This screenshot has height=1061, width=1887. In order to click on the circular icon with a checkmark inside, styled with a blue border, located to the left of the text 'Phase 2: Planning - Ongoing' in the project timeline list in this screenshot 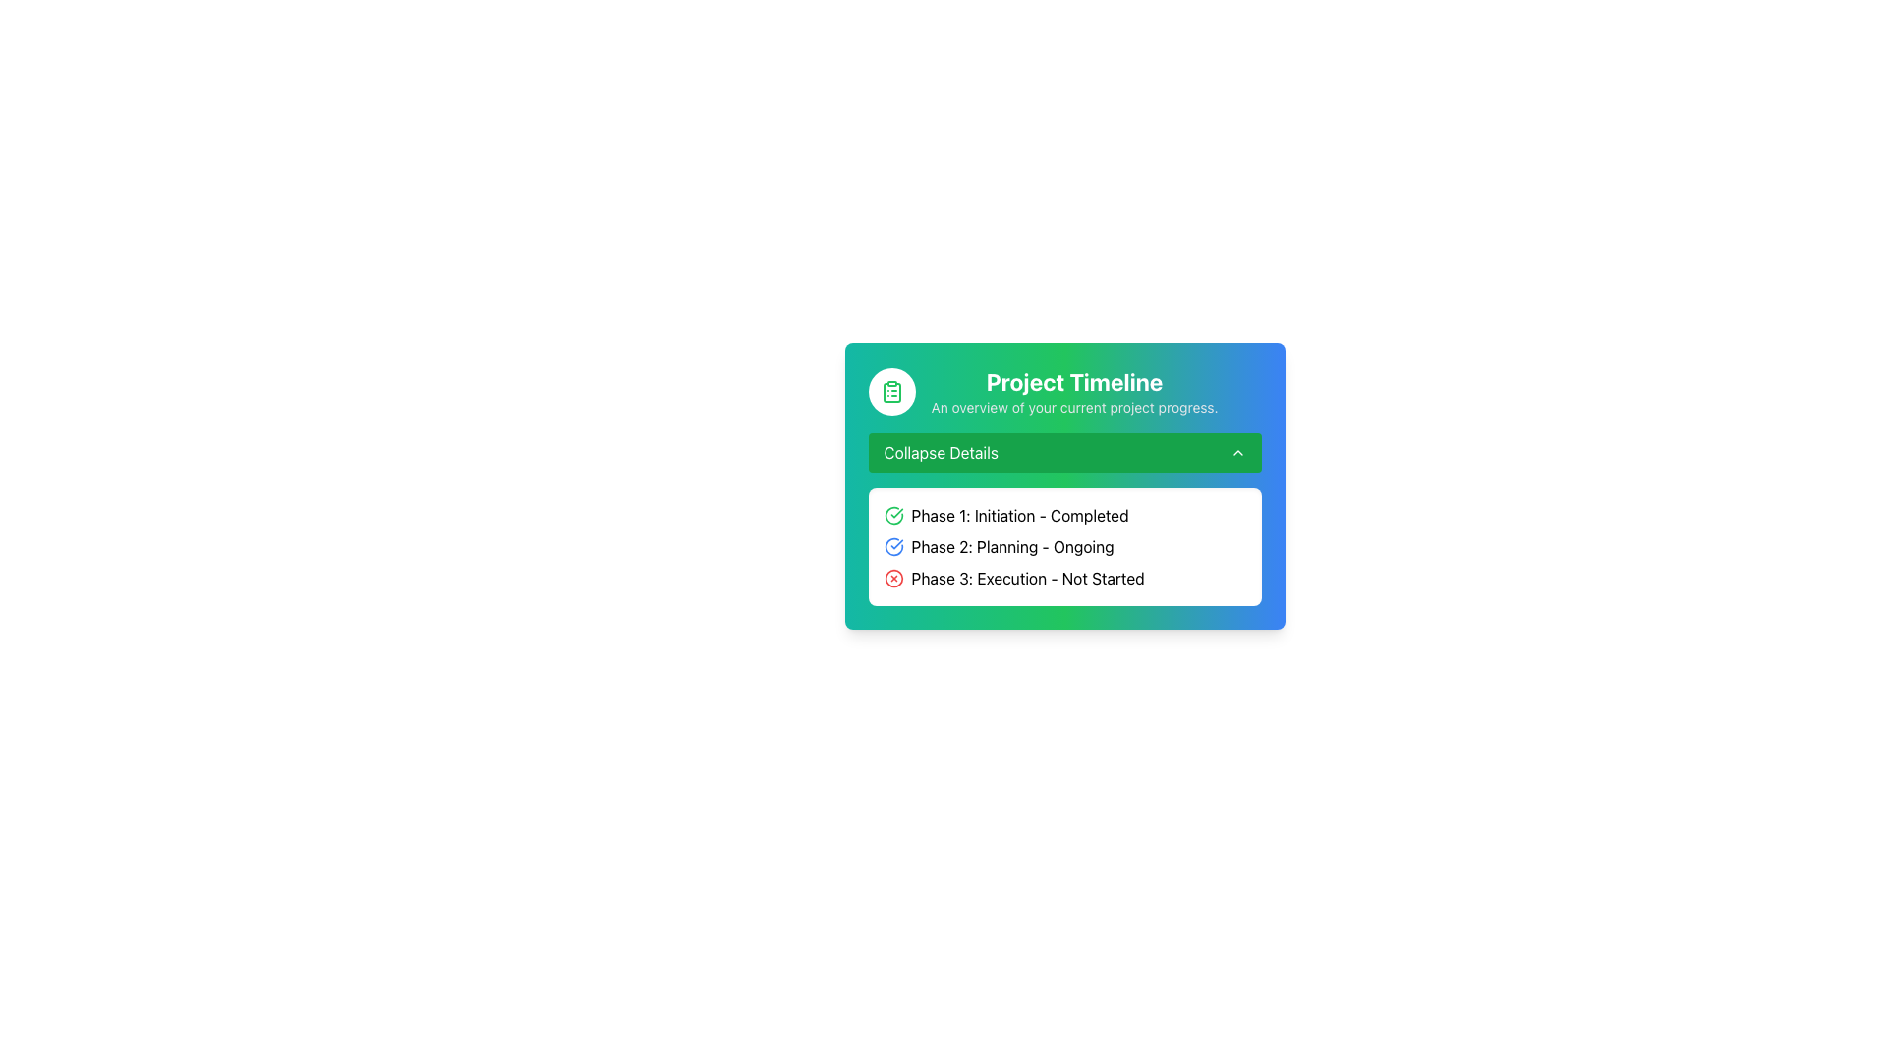, I will do `click(892, 546)`.